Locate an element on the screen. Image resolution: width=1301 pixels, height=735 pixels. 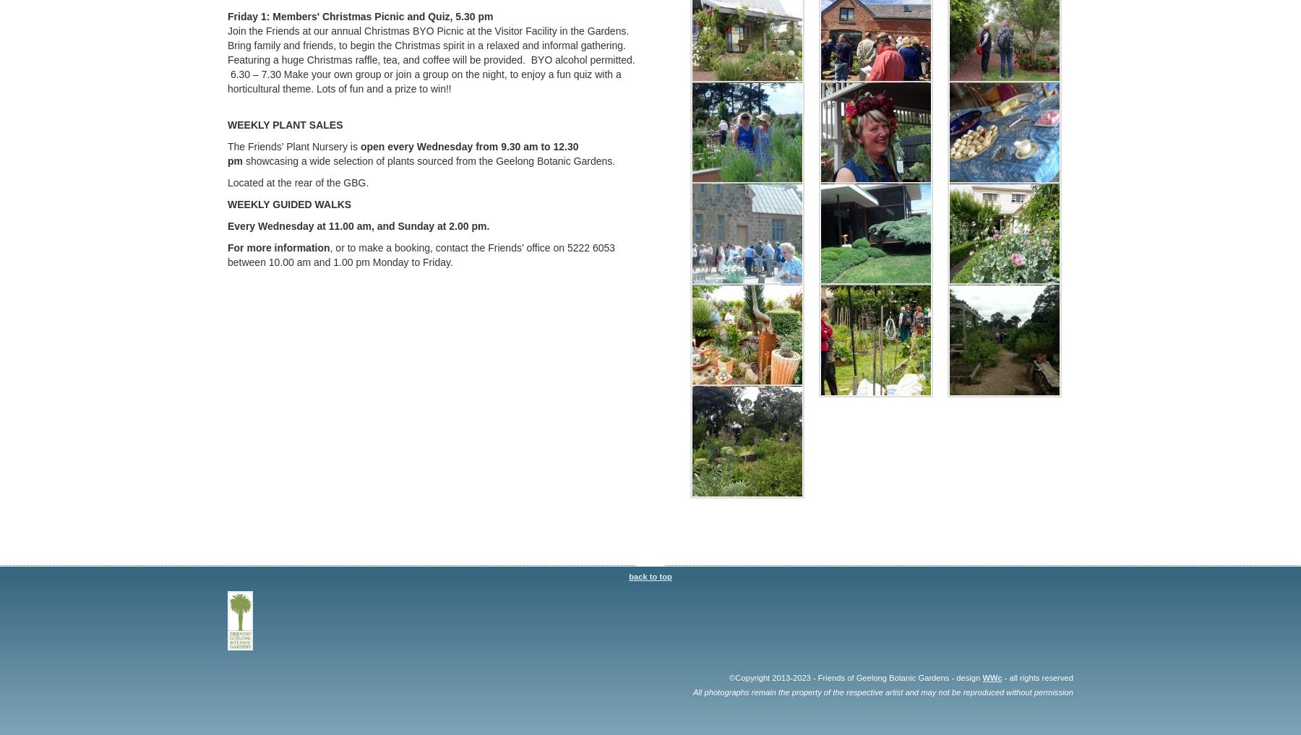
'WWc' is located at coordinates (982, 676).